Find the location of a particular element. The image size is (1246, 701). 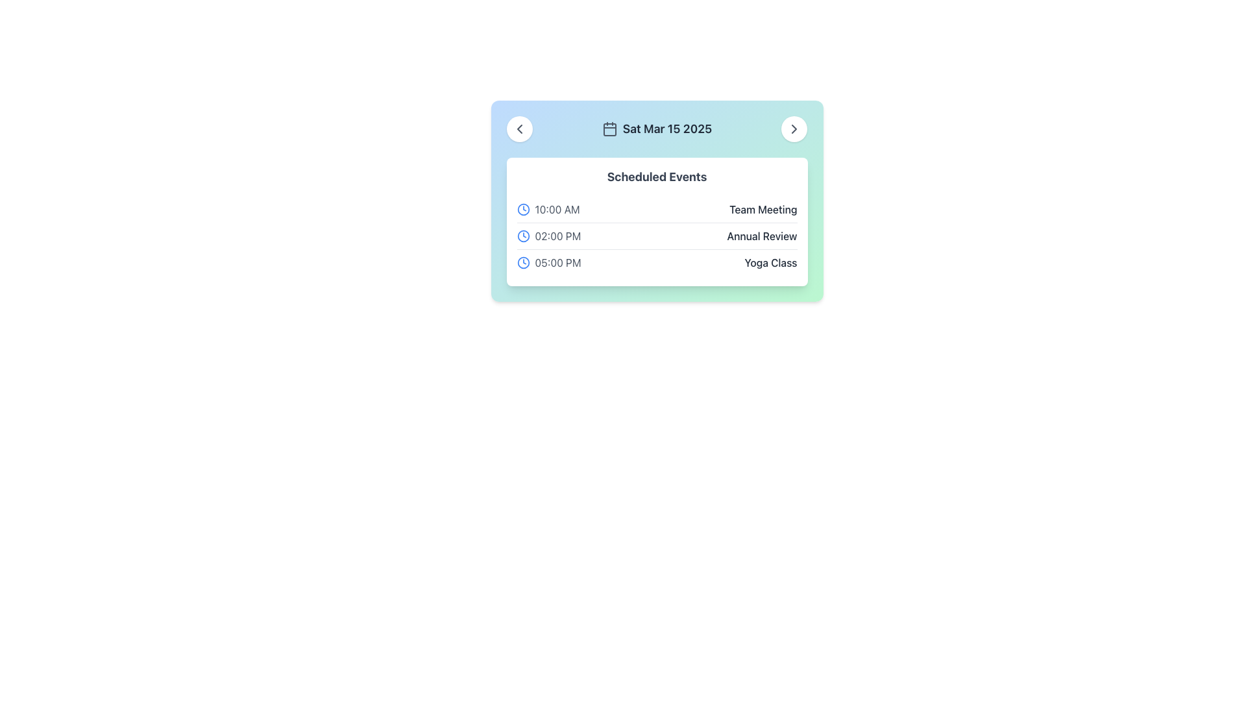

the Text Label displaying 'Yoga Class' in dark gray, bold font, located in the 'Scheduled Events' section of the card layout is located at coordinates (770, 263).